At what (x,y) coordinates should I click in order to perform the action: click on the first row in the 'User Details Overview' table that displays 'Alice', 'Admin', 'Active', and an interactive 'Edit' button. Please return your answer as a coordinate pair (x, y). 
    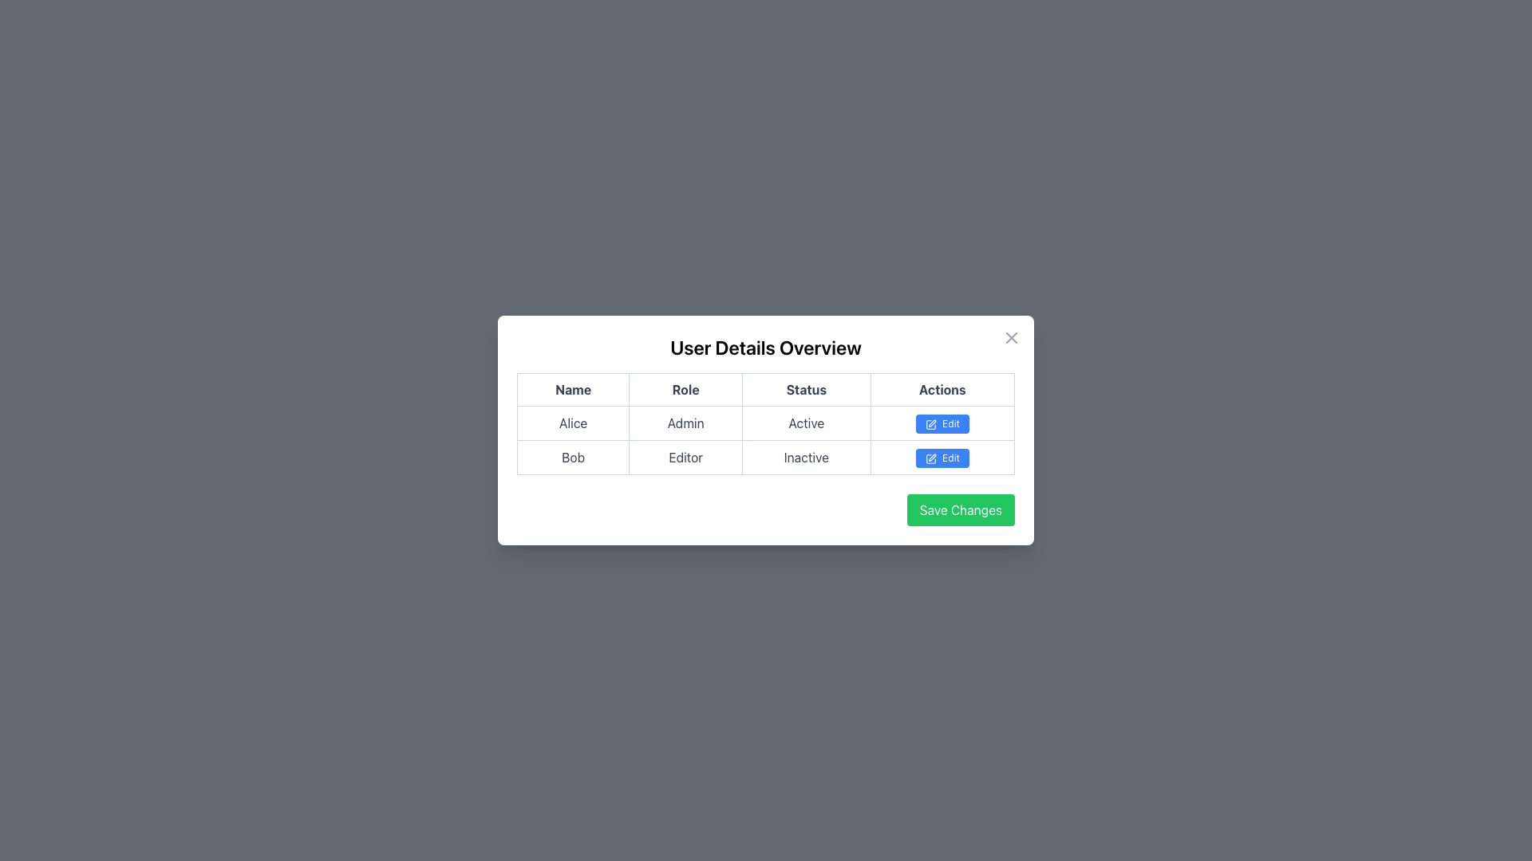
    Looking at the image, I should click on (766, 423).